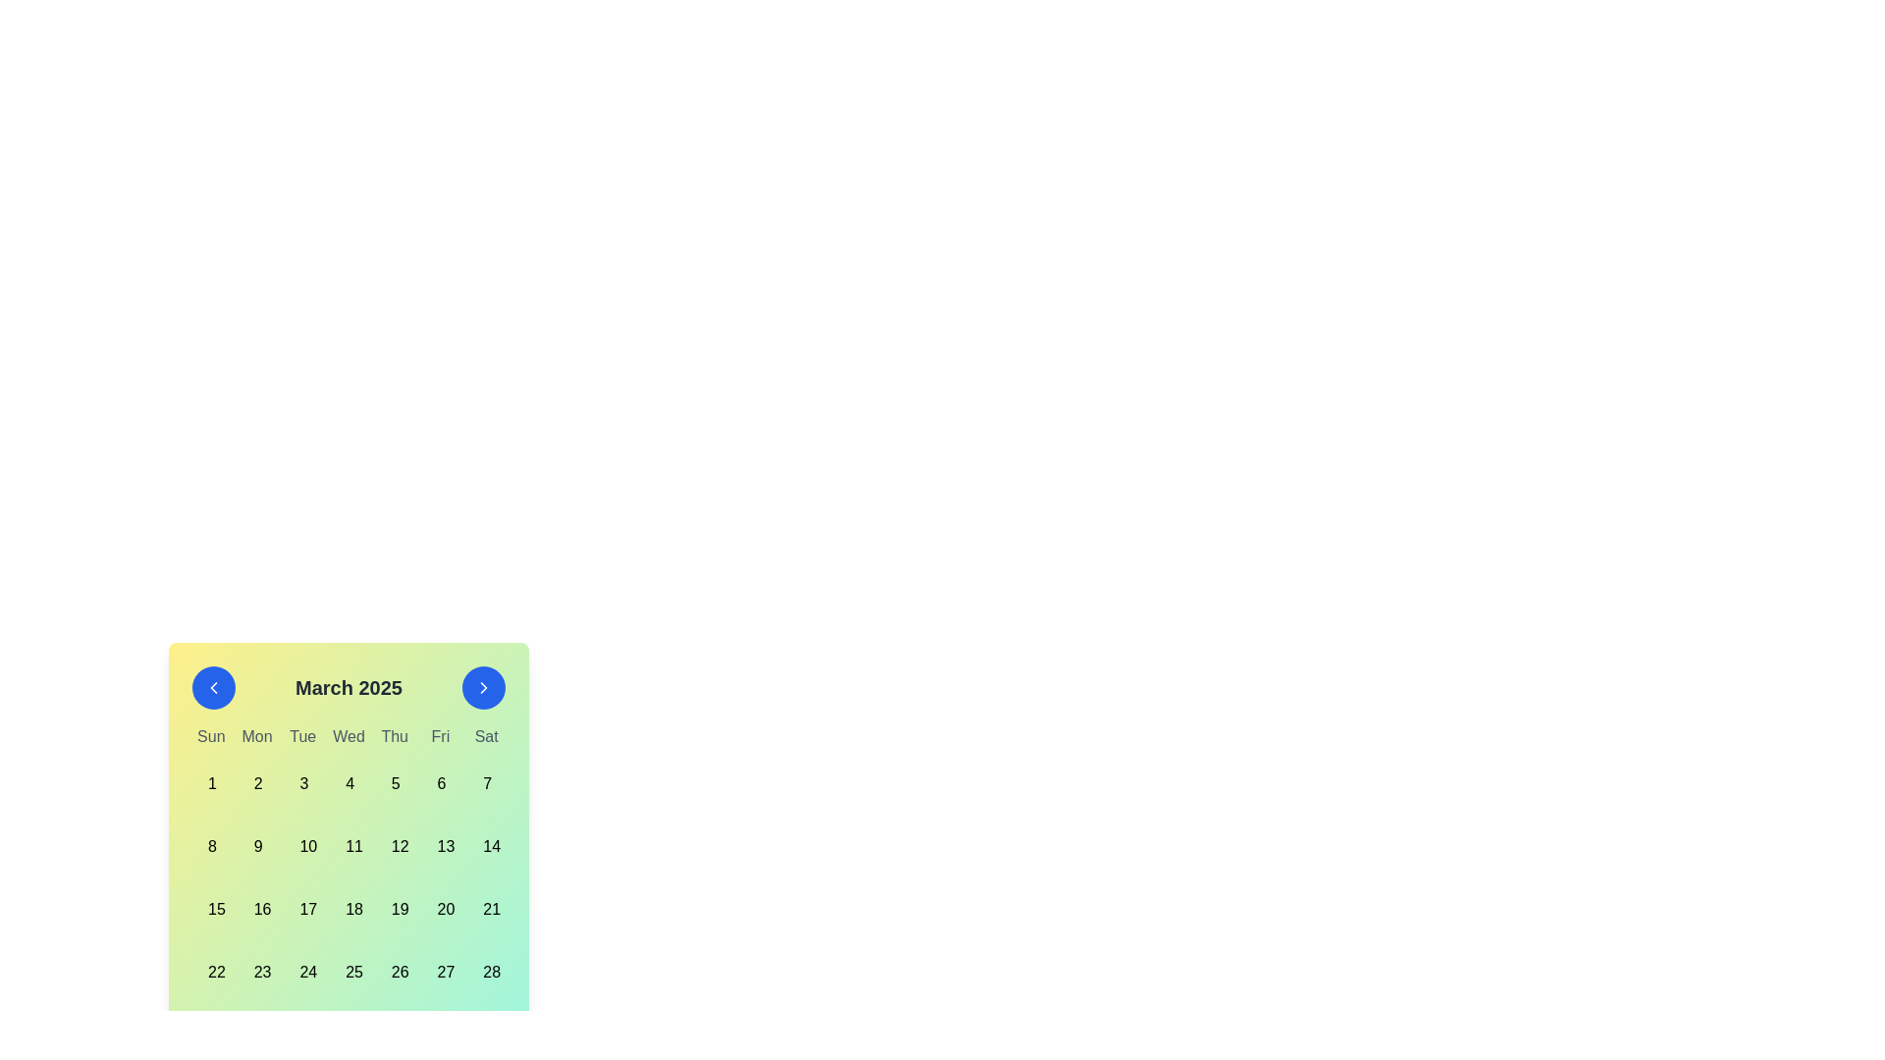 This screenshot has width=1885, height=1060. Describe the element at coordinates (349, 846) in the screenshot. I see `the rounded rectangular button displaying '11' in the calendar grid layout, located in the second row and fourth column beneath 'Wed'` at that location.